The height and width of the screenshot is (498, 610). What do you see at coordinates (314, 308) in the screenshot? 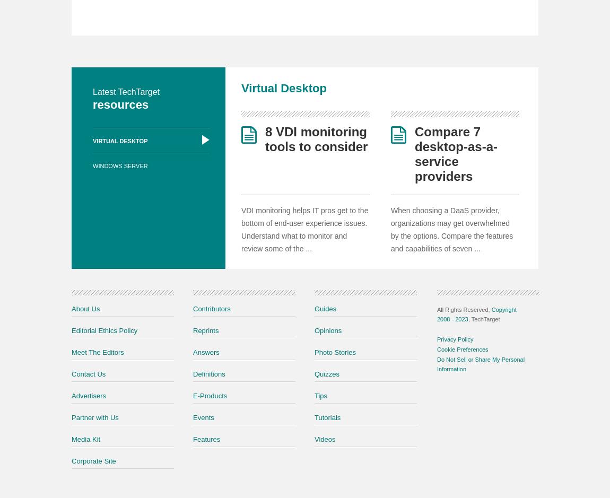
I see `'Guides'` at bounding box center [314, 308].